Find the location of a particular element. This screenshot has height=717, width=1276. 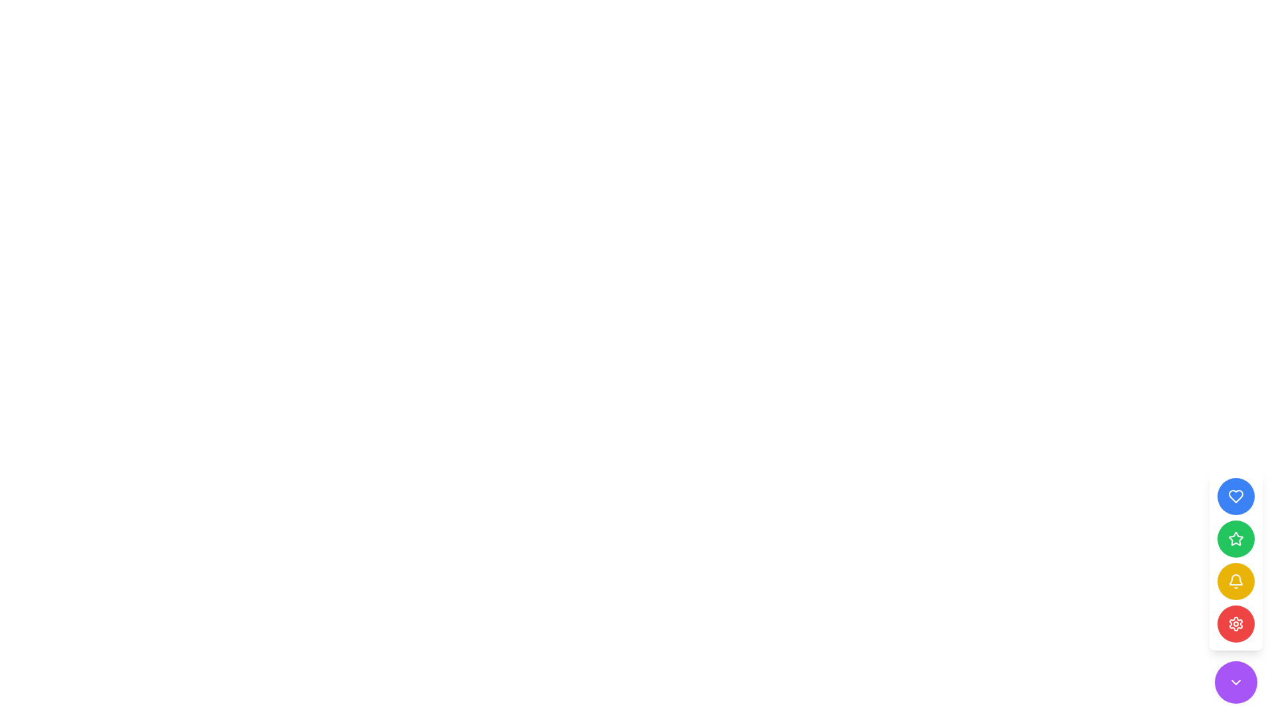

the notification button with a bell icon located in the lower-right section of the interface to trigger visual feedback is located at coordinates (1235, 580).